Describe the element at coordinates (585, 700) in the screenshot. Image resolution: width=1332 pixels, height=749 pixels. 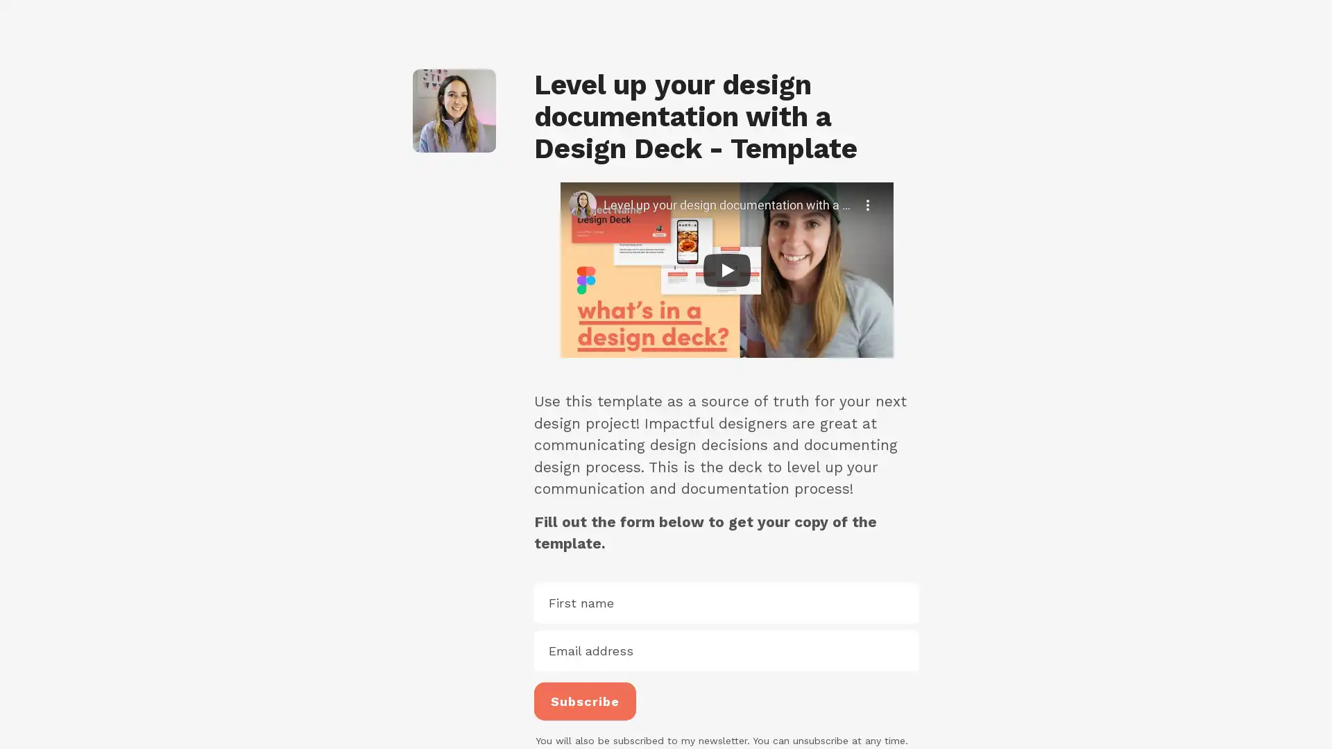
I see `Subscribe` at that location.